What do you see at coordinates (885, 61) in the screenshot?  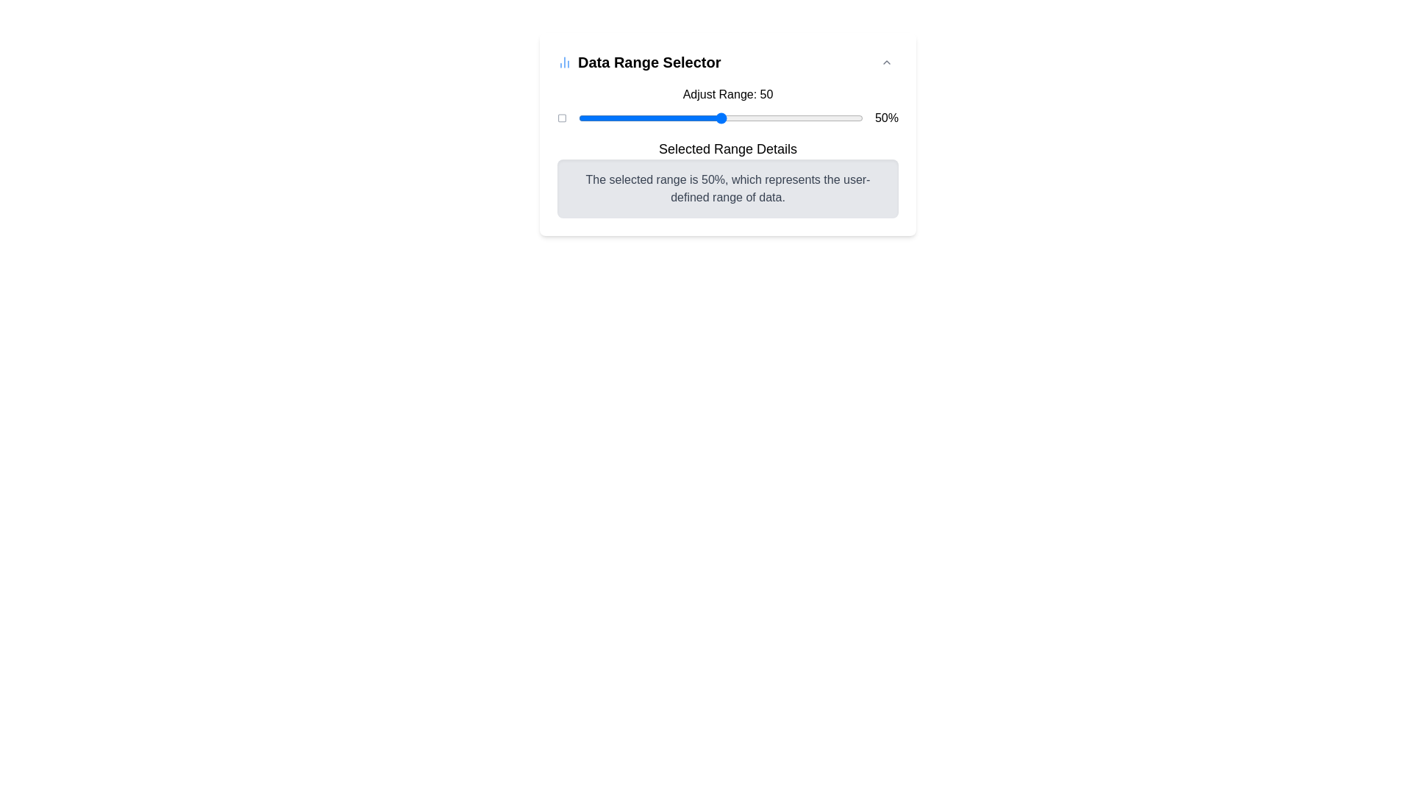 I see `the expand/collapse button to toggle the visibility of the details section` at bounding box center [885, 61].